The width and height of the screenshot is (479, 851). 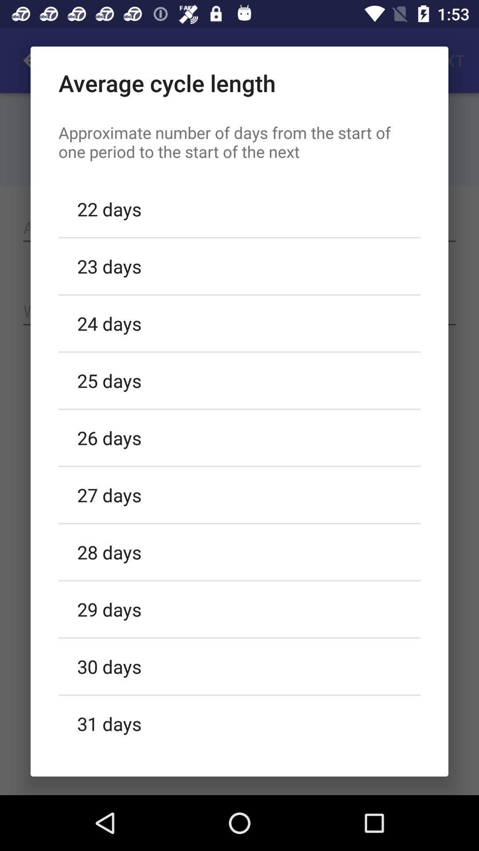 I want to click on the 28 days item, so click(x=239, y=551).